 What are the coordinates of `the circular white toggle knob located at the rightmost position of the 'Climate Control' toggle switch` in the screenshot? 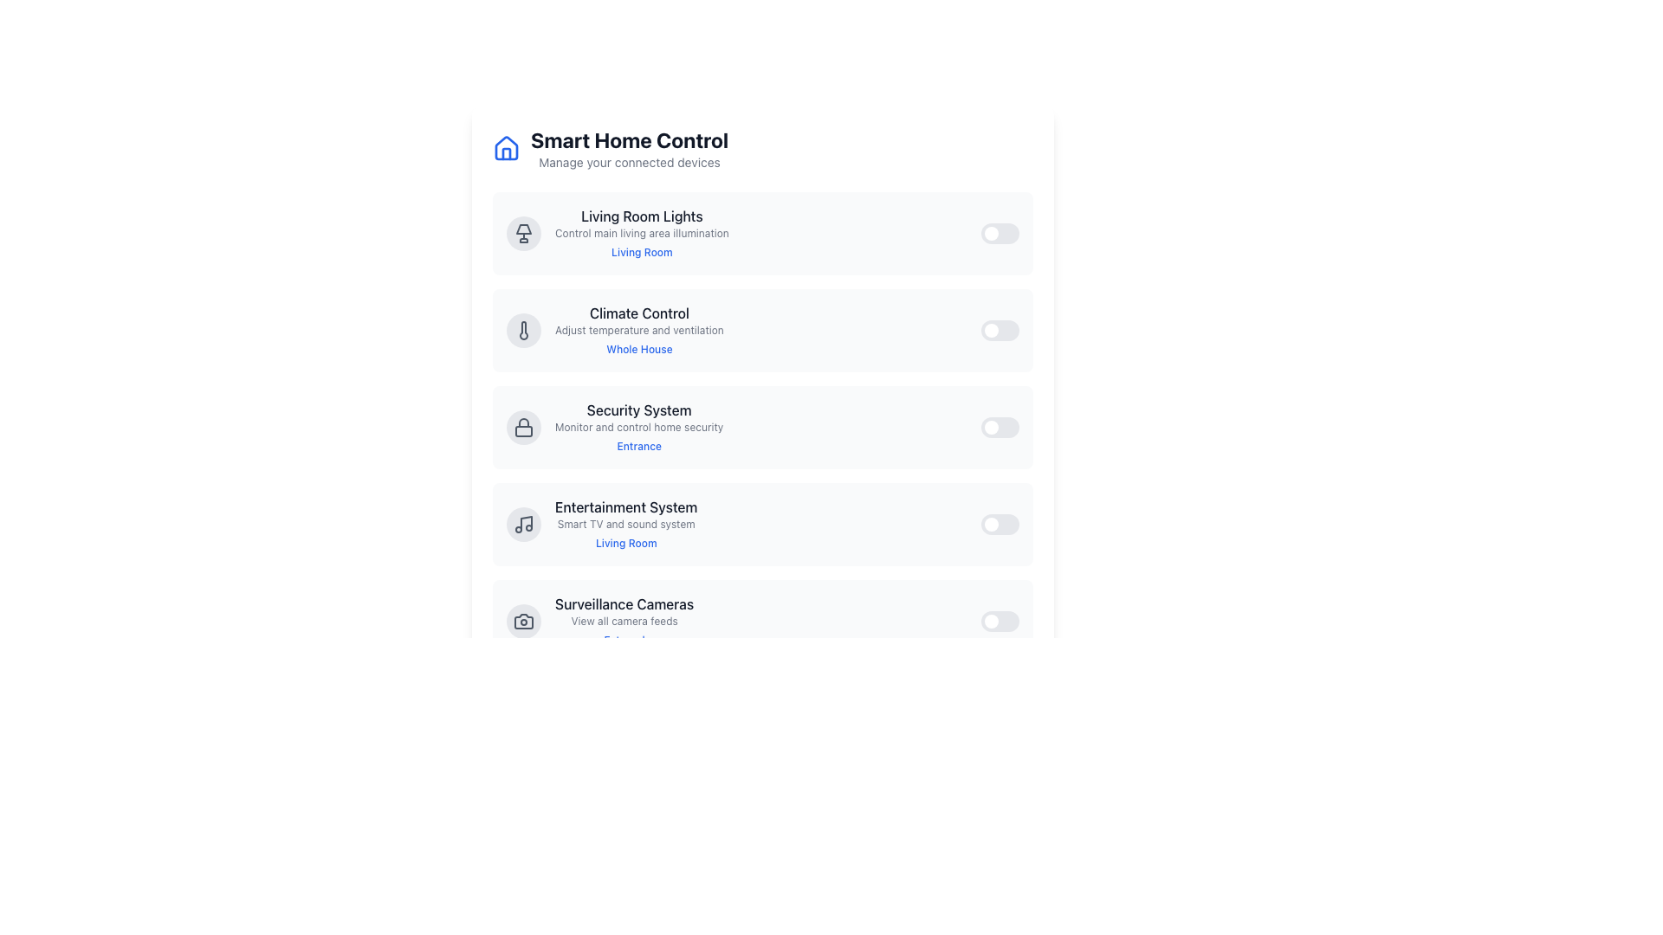 It's located at (992, 330).